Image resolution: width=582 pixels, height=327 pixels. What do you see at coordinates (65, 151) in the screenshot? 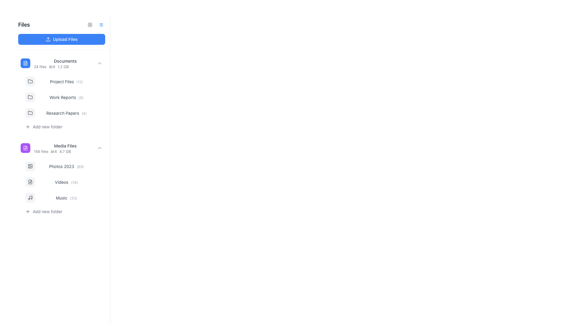
I see `the text label that displays the storage size information for the 'Media Files' group, located under the 'Media Files' section` at bounding box center [65, 151].